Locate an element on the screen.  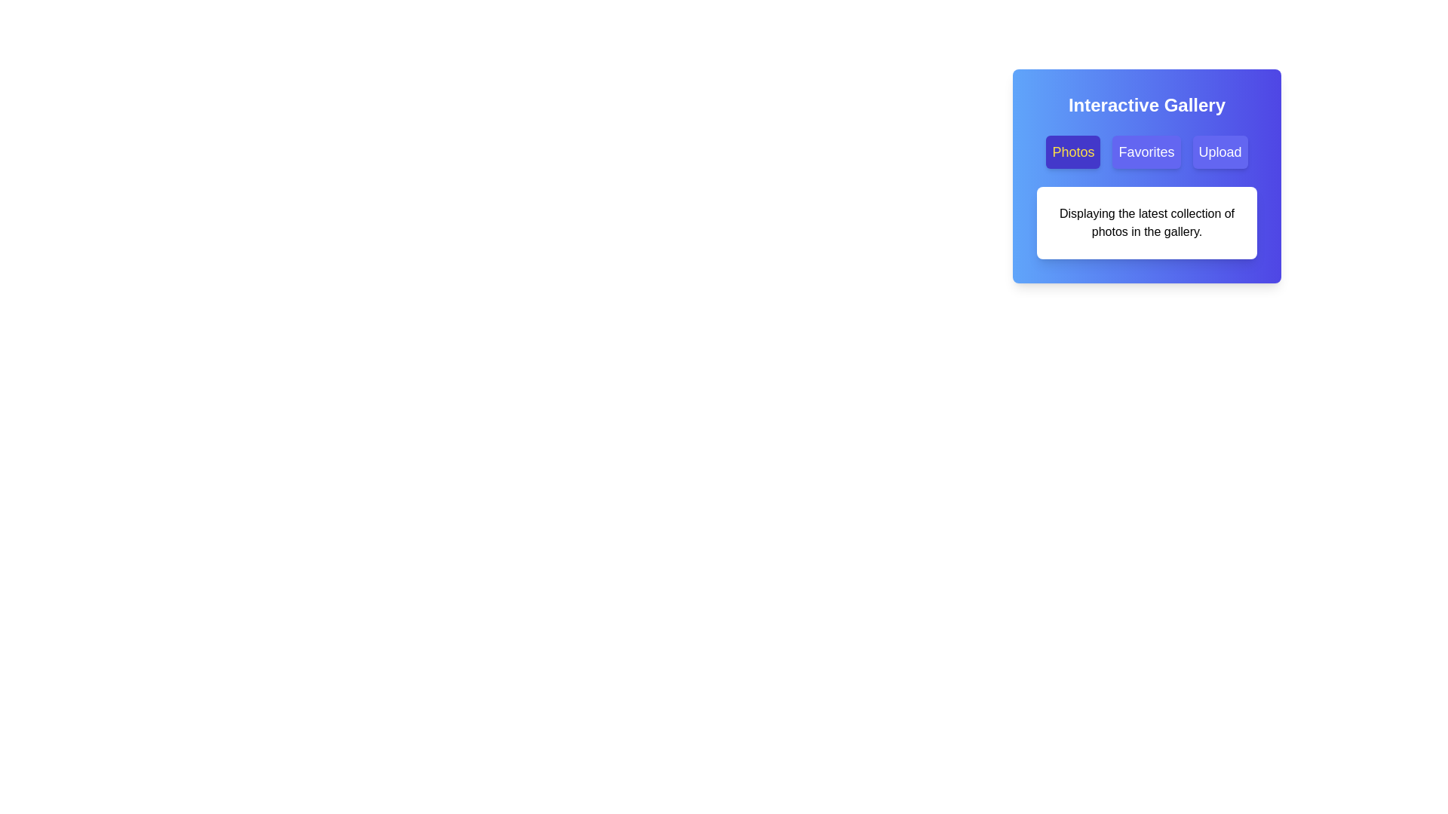
the 'Favorites' button, which is the second button in a row of three, located between the 'Photos' and 'Upload' buttons within a blue-tinted card-like section is located at coordinates (1146, 151).